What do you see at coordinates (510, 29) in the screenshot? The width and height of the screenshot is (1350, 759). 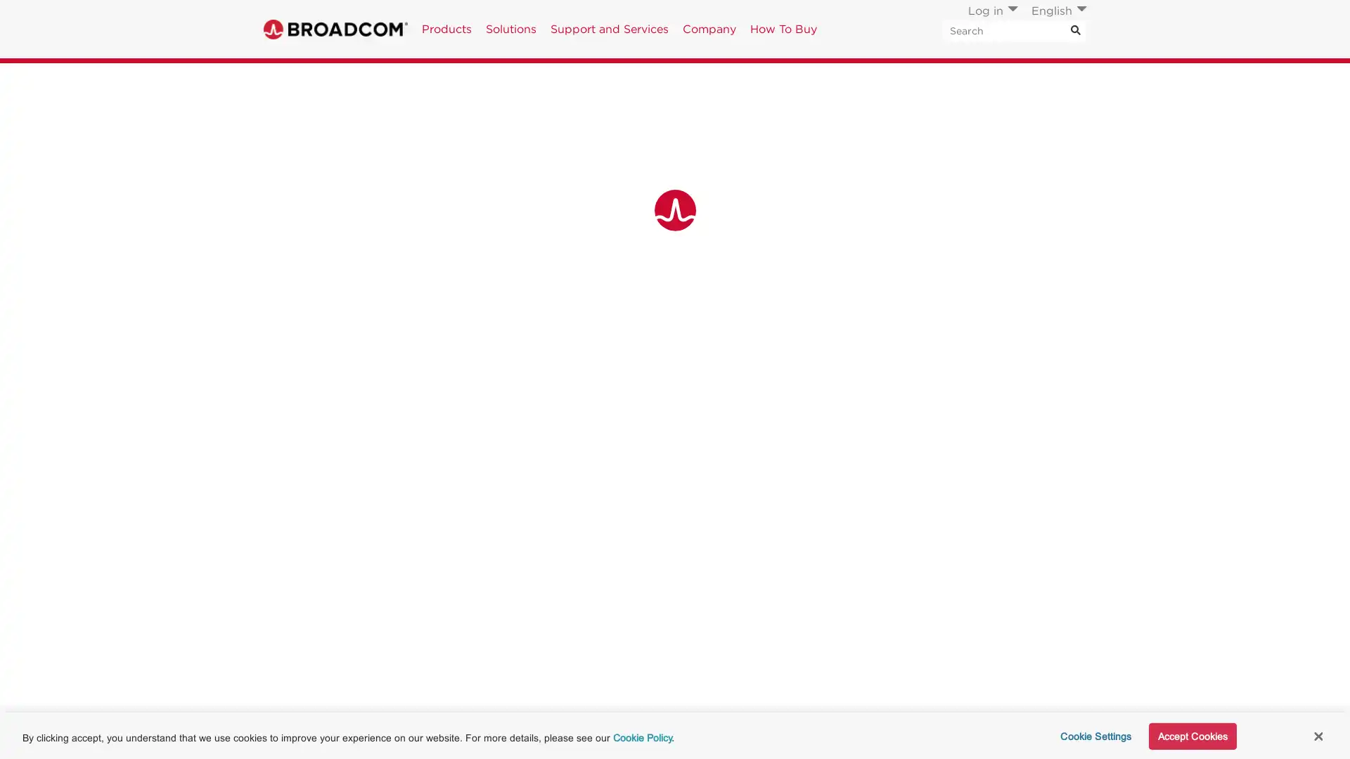 I see `Solutions` at bounding box center [510, 29].